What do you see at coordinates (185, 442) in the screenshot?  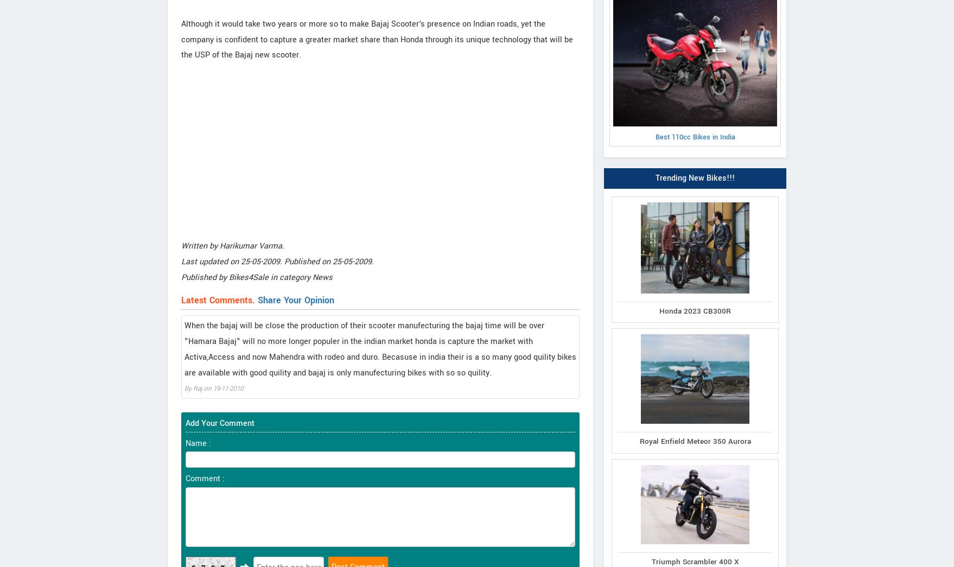 I see `'Name :'` at bounding box center [185, 442].